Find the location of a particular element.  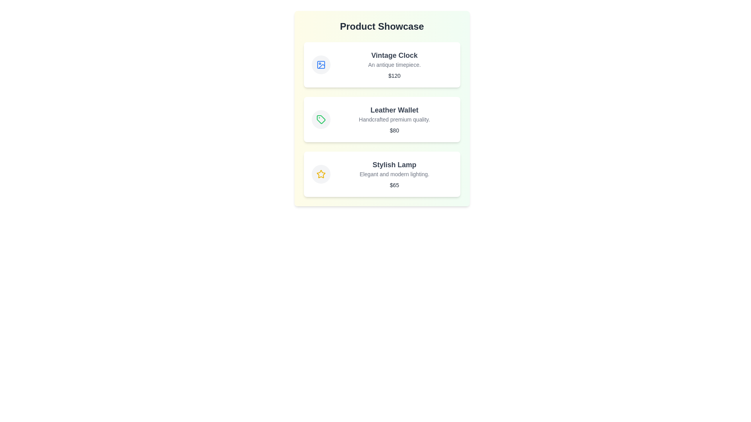

the product card corresponding to Stylish Lamp is located at coordinates (382, 174).